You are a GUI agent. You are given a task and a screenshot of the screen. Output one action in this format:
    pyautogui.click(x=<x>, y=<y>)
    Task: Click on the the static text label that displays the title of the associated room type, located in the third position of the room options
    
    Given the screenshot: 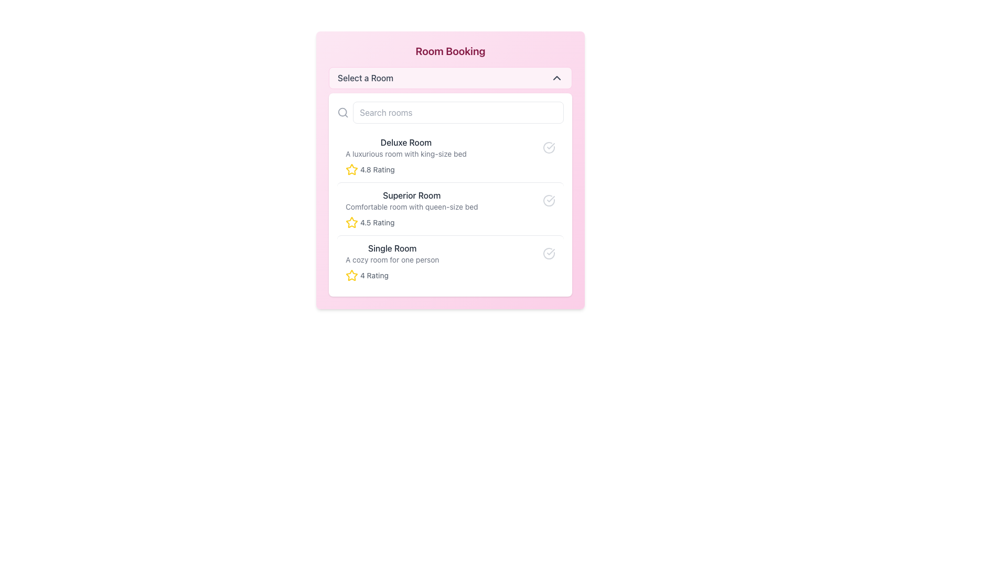 What is the action you would take?
    pyautogui.click(x=392, y=248)
    